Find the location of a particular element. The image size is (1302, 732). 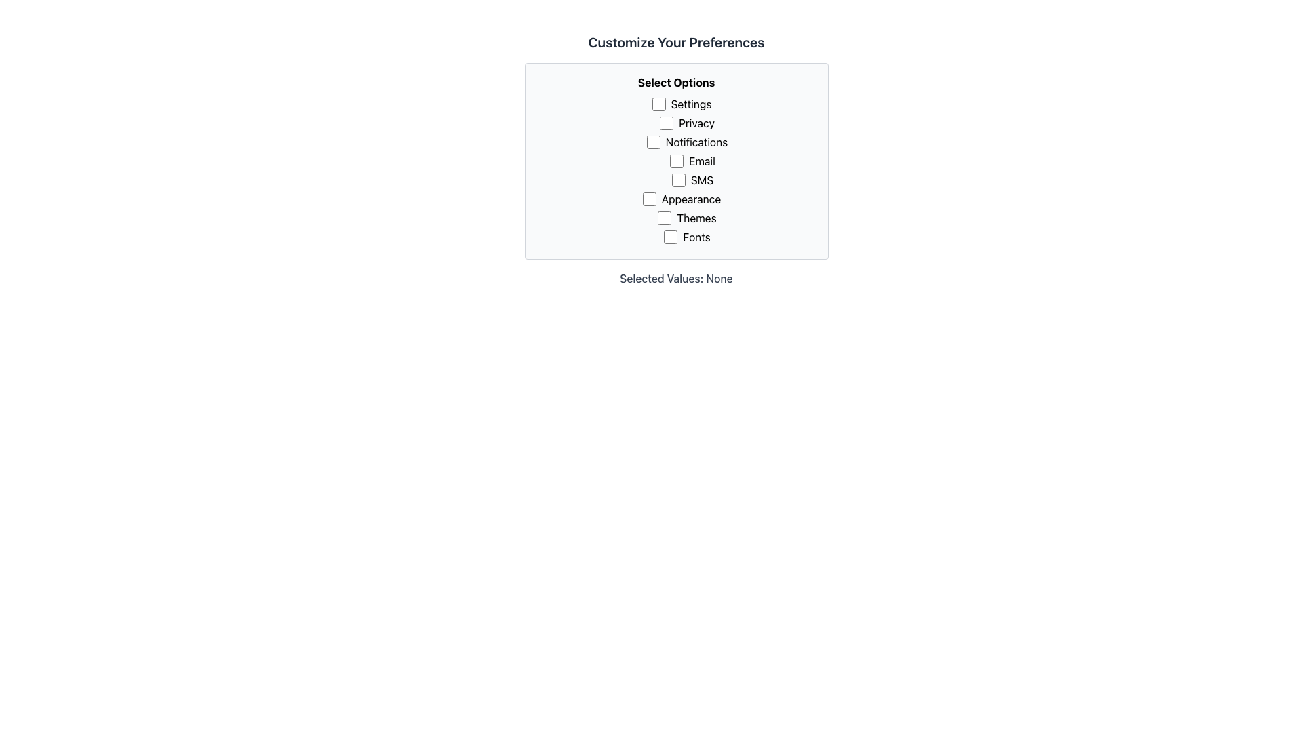

the checkbox in the Interactive List with Checkboxes located centrally within the 'Select Options' dialog box is located at coordinates (682, 144).